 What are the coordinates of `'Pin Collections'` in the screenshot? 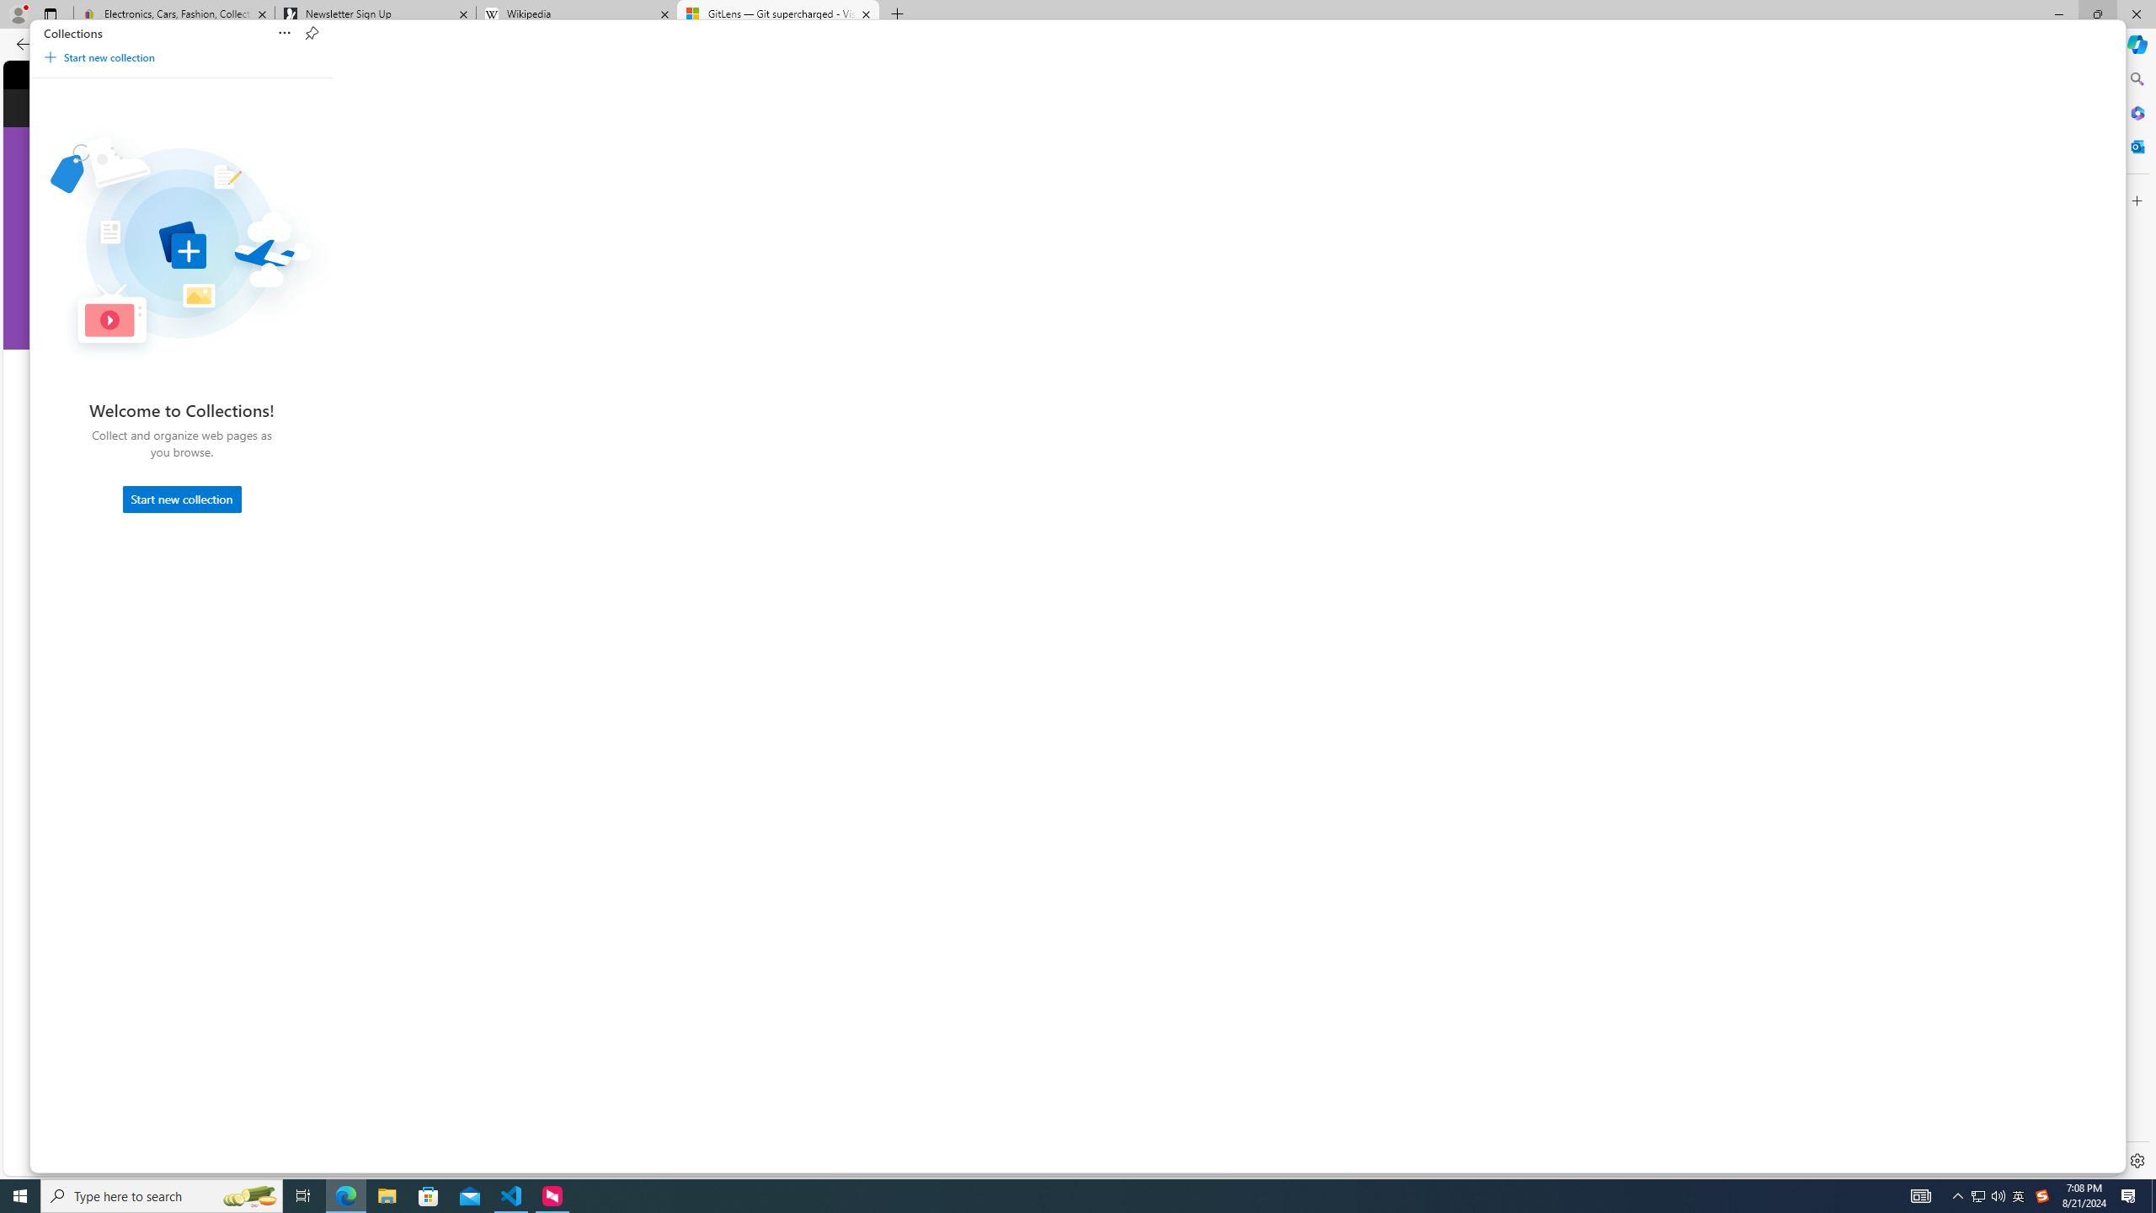 It's located at (310, 33).